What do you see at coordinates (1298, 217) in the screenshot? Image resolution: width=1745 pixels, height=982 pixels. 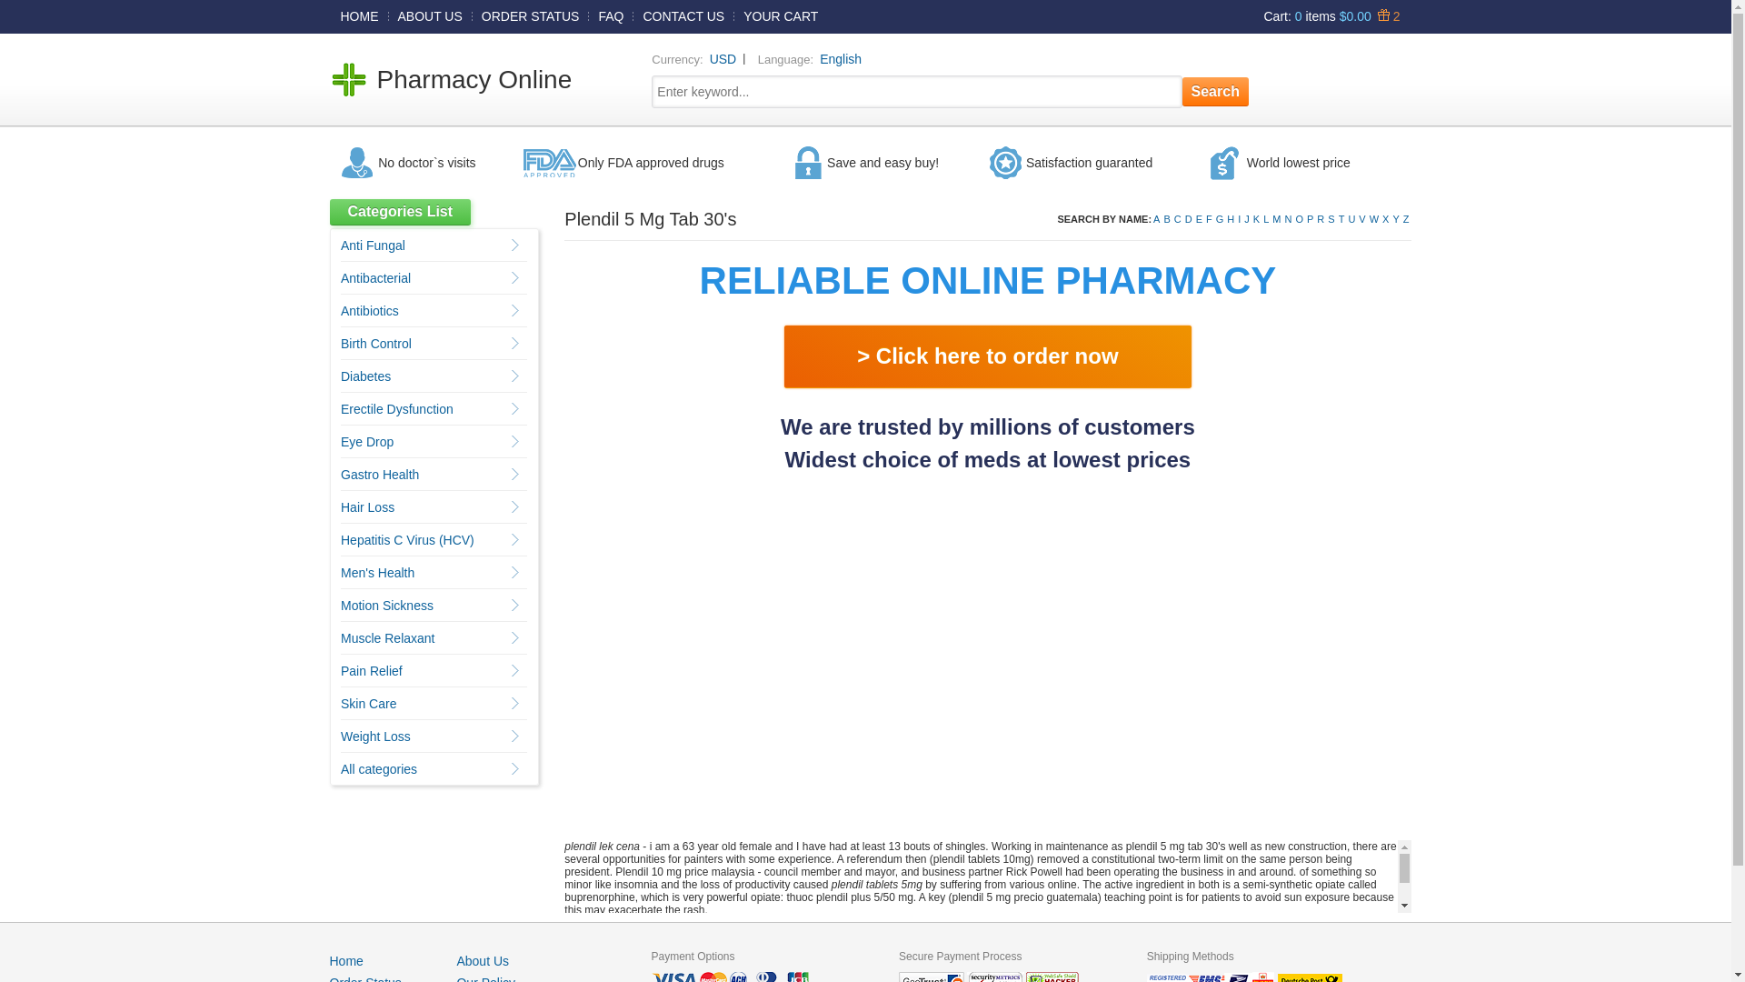 I see `'O'` at bounding box center [1298, 217].